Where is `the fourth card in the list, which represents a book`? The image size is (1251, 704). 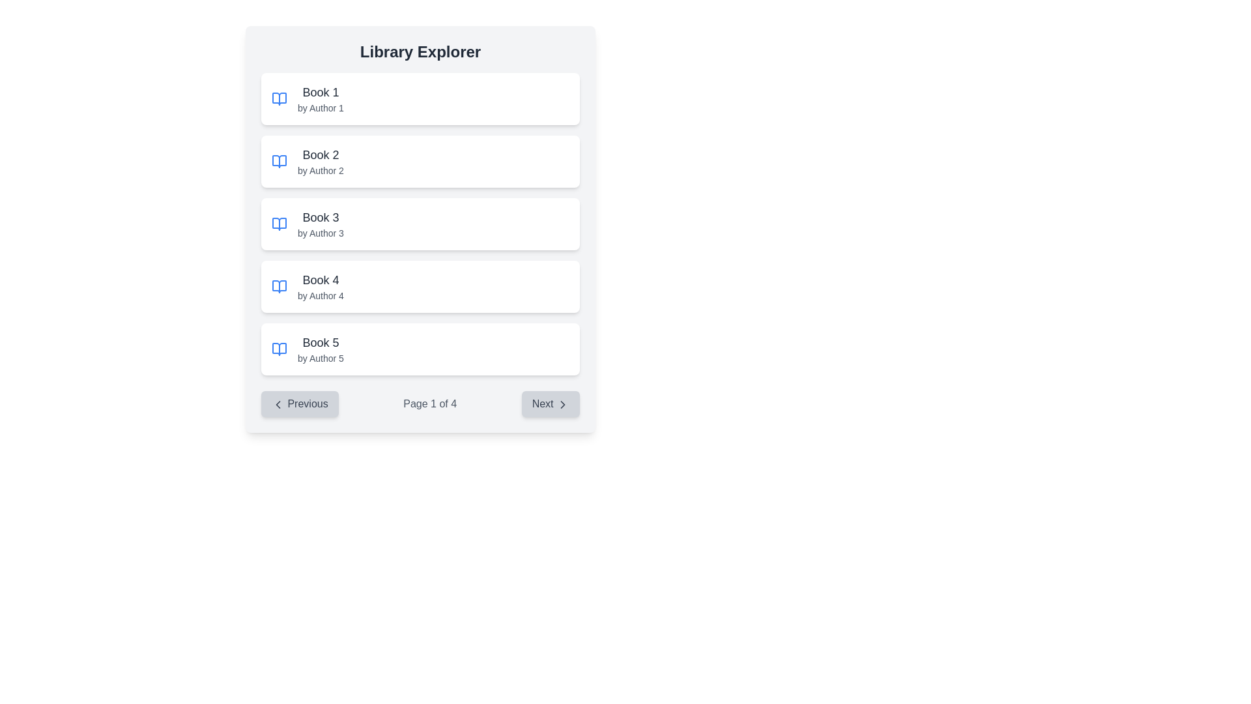
the fourth card in the list, which represents a book is located at coordinates (420, 286).